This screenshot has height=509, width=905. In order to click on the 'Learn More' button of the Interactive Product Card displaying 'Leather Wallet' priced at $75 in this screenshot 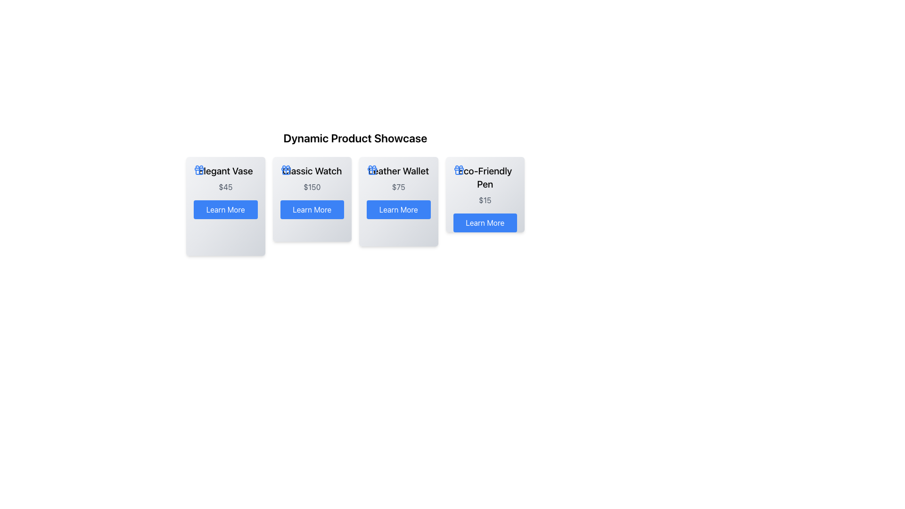, I will do `click(398, 201)`.